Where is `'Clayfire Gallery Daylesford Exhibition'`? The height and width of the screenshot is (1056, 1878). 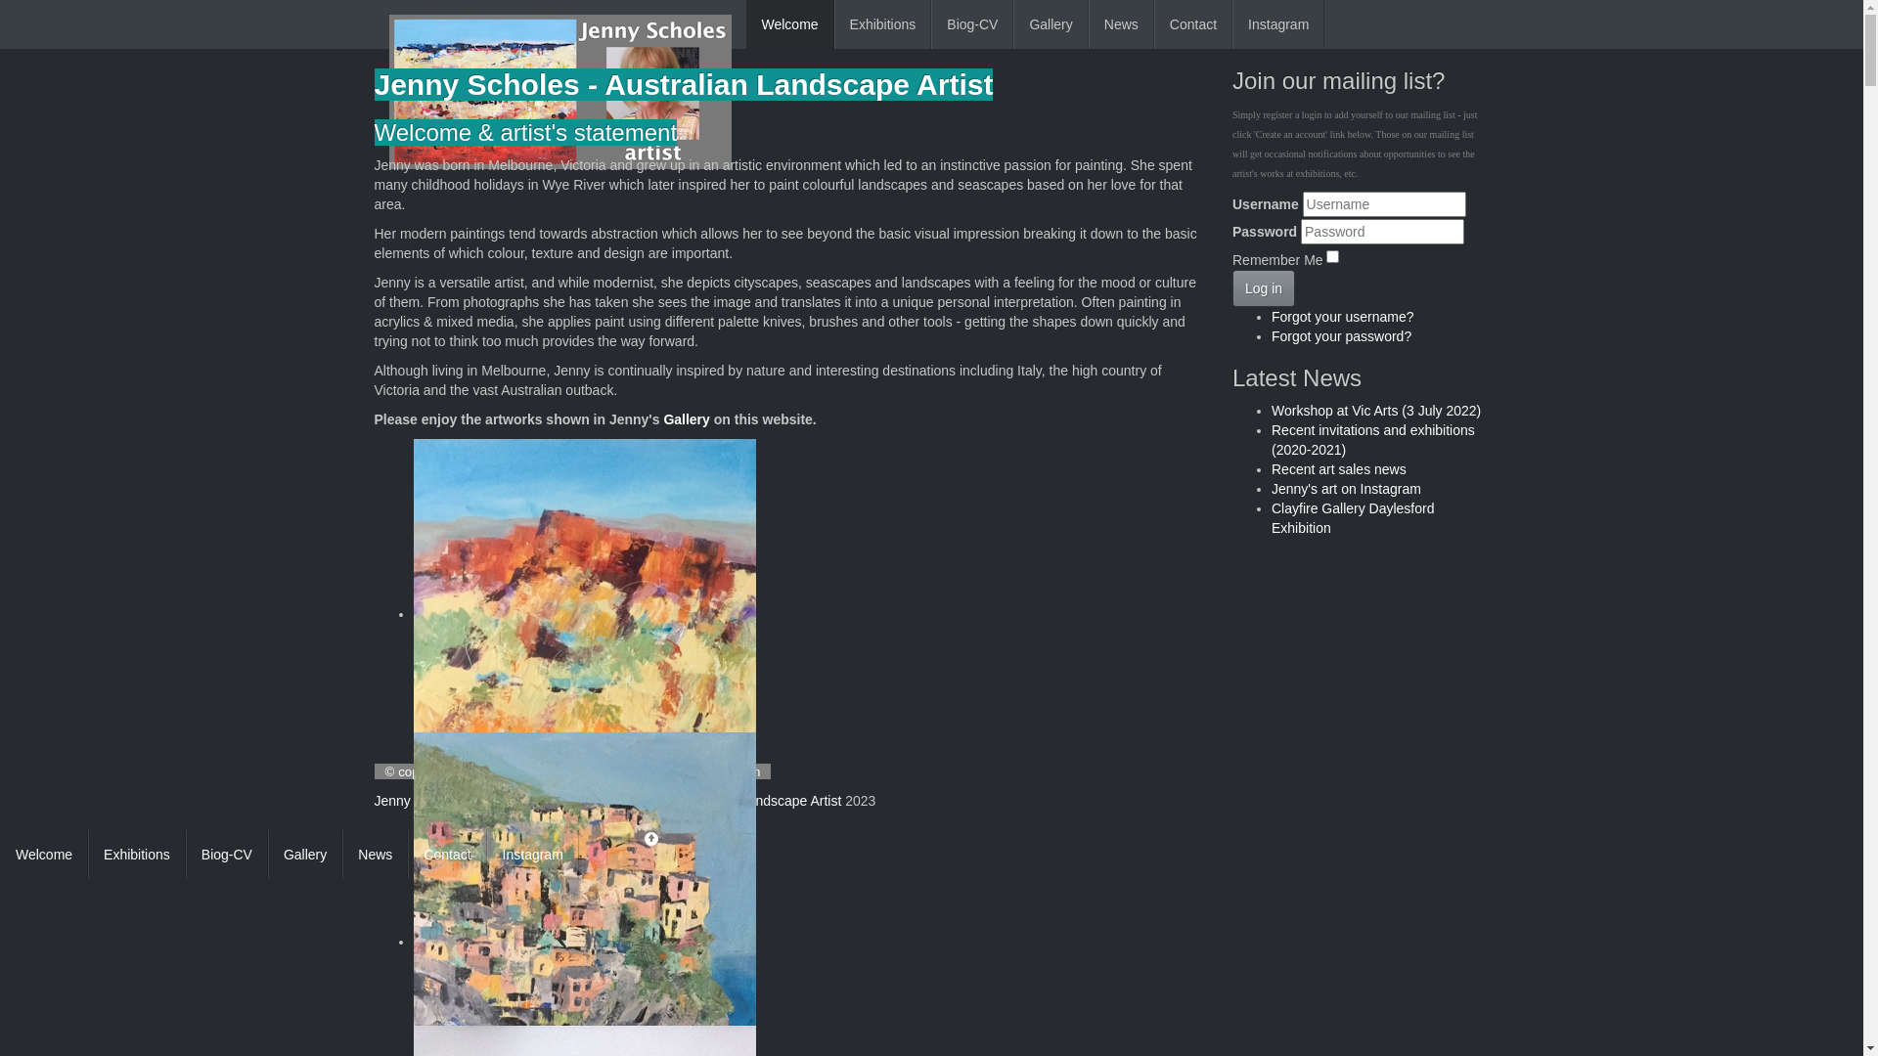 'Clayfire Gallery Daylesford Exhibition' is located at coordinates (1272, 516).